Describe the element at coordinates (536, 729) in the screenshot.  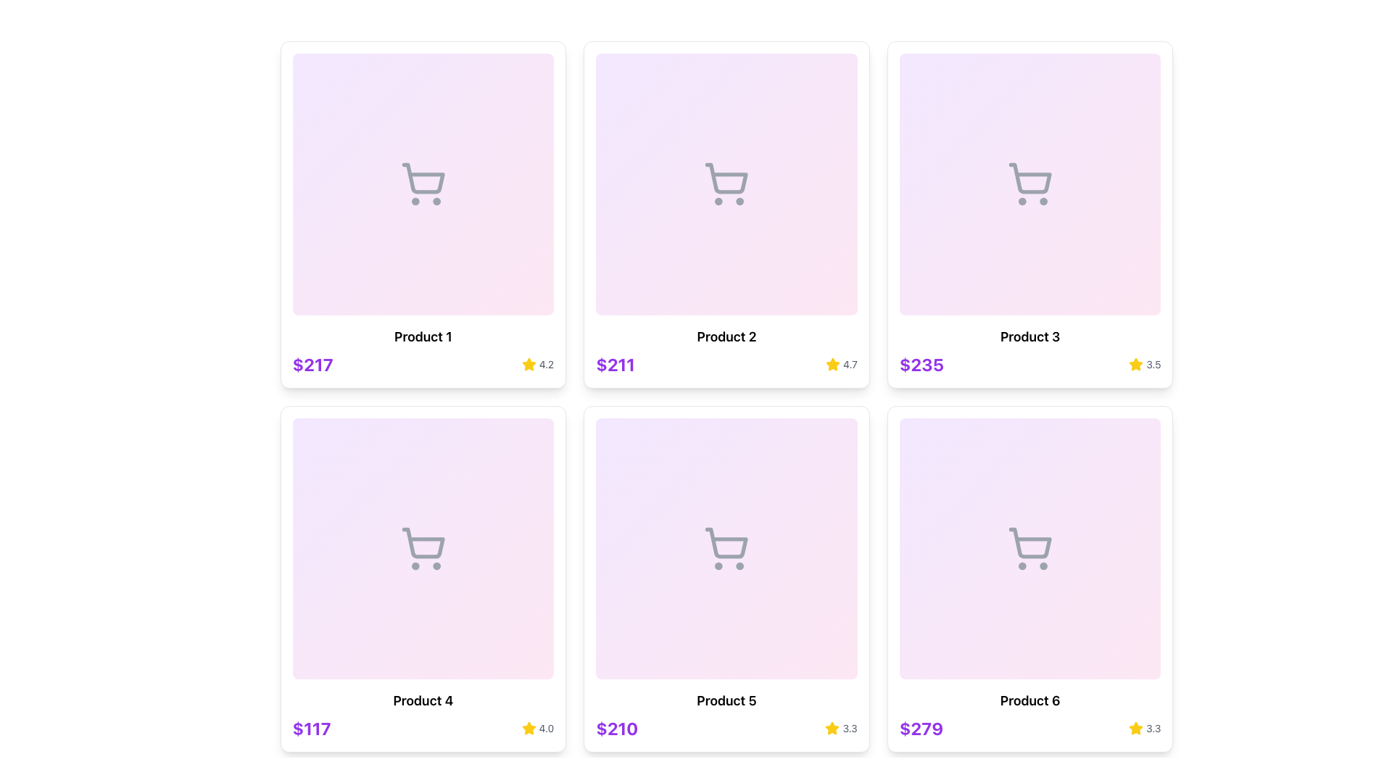
I see `rating value displayed on the Rating indicator for 'Product 4,' located at the bottom-right section of its card layout, adjacent to the price '$117.'` at that location.